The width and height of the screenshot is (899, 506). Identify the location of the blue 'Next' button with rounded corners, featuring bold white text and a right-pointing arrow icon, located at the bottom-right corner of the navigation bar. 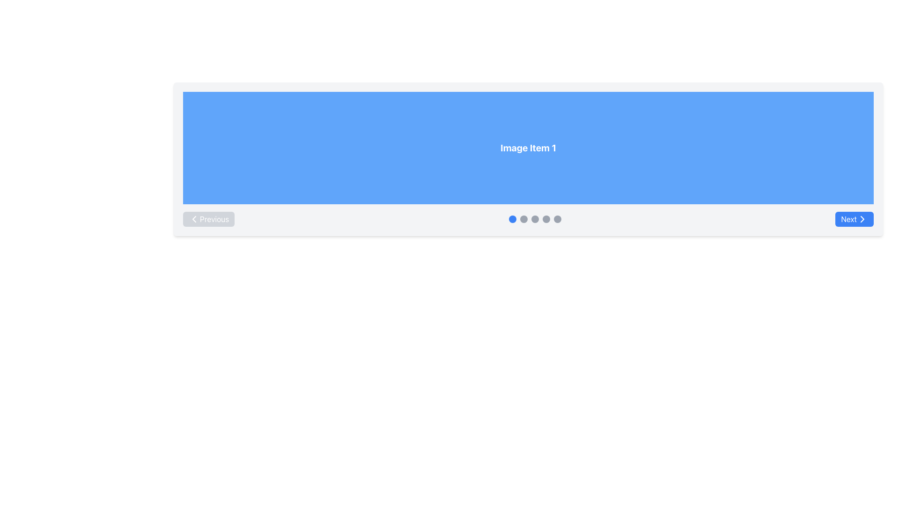
(855, 219).